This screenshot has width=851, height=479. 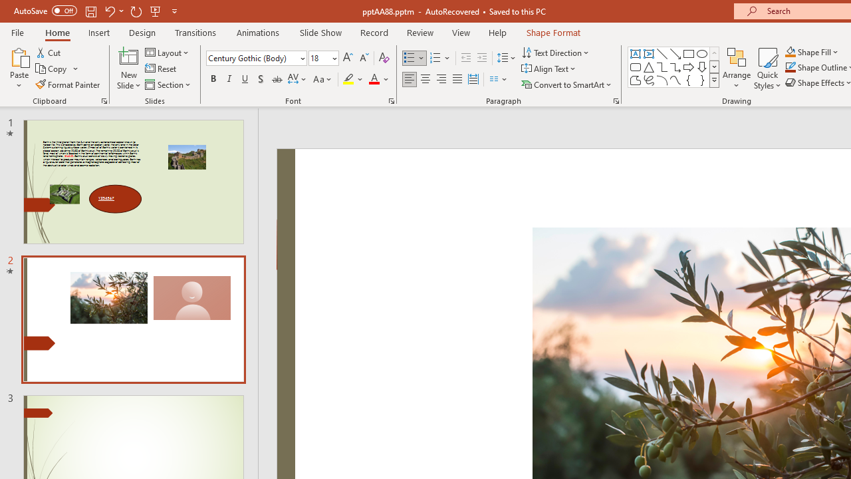 What do you see at coordinates (441, 79) in the screenshot?
I see `'Align Right'` at bounding box center [441, 79].